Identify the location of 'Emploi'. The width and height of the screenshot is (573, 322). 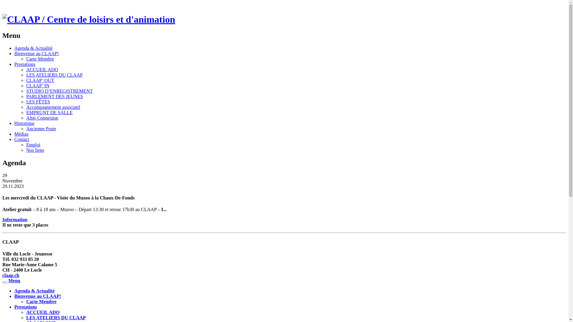
(33, 145).